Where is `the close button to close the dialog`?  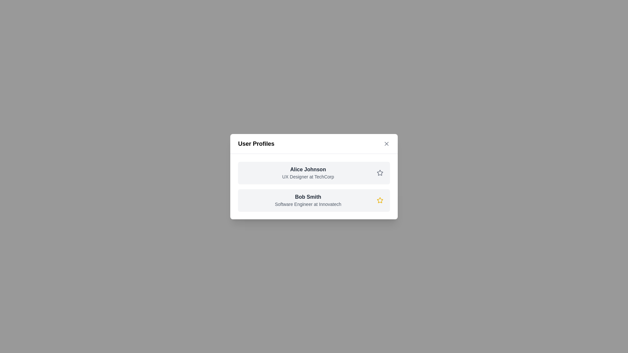 the close button to close the dialog is located at coordinates (386, 143).